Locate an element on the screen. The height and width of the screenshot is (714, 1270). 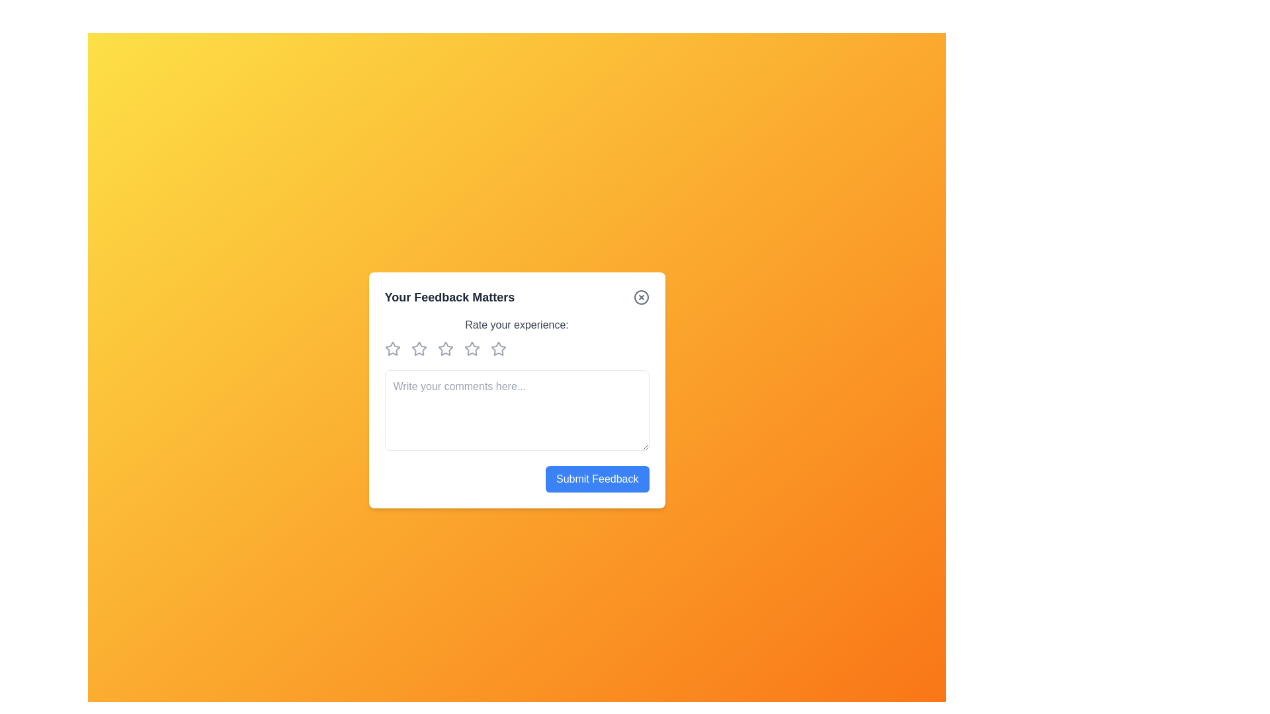
the rating to 5 stars by clicking on the corresponding star is located at coordinates (500, 348).